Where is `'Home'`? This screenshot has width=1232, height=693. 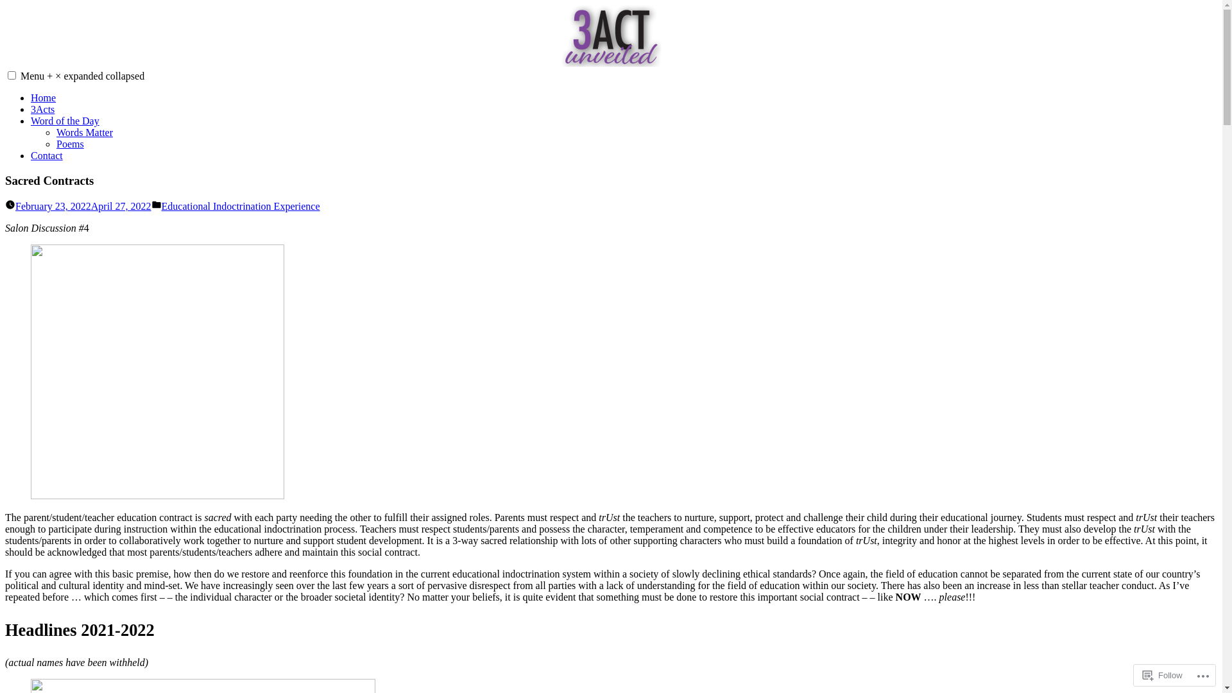 'Home' is located at coordinates (31, 97).